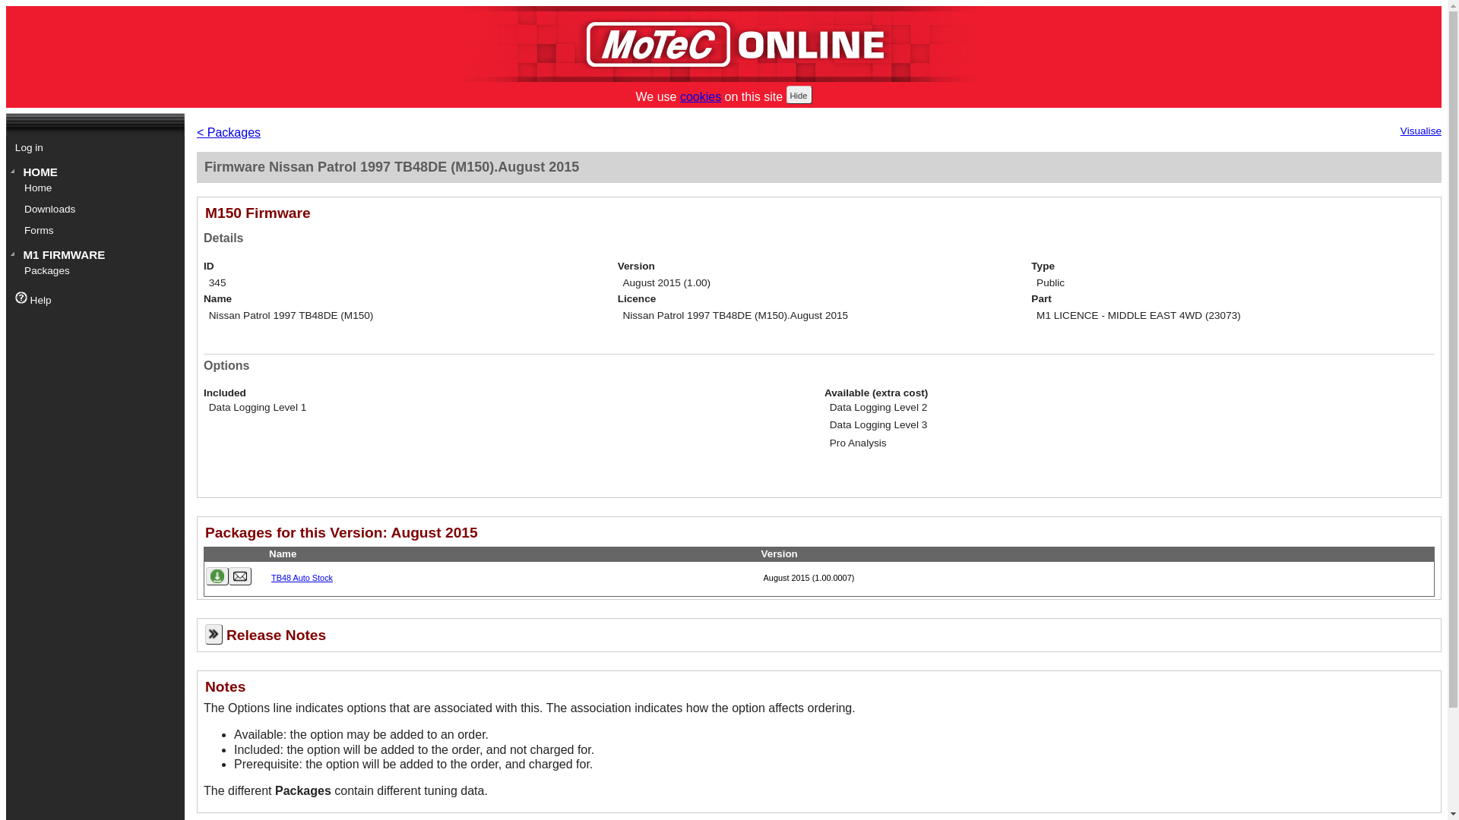  What do you see at coordinates (98, 210) in the screenshot?
I see `'Downloads'` at bounding box center [98, 210].